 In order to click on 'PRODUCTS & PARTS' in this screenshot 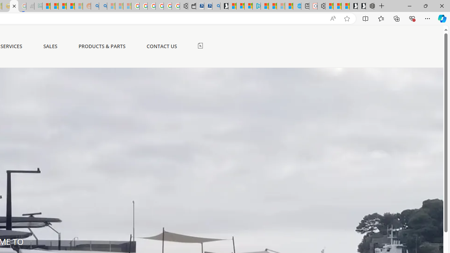, I will do `click(101, 46)`.